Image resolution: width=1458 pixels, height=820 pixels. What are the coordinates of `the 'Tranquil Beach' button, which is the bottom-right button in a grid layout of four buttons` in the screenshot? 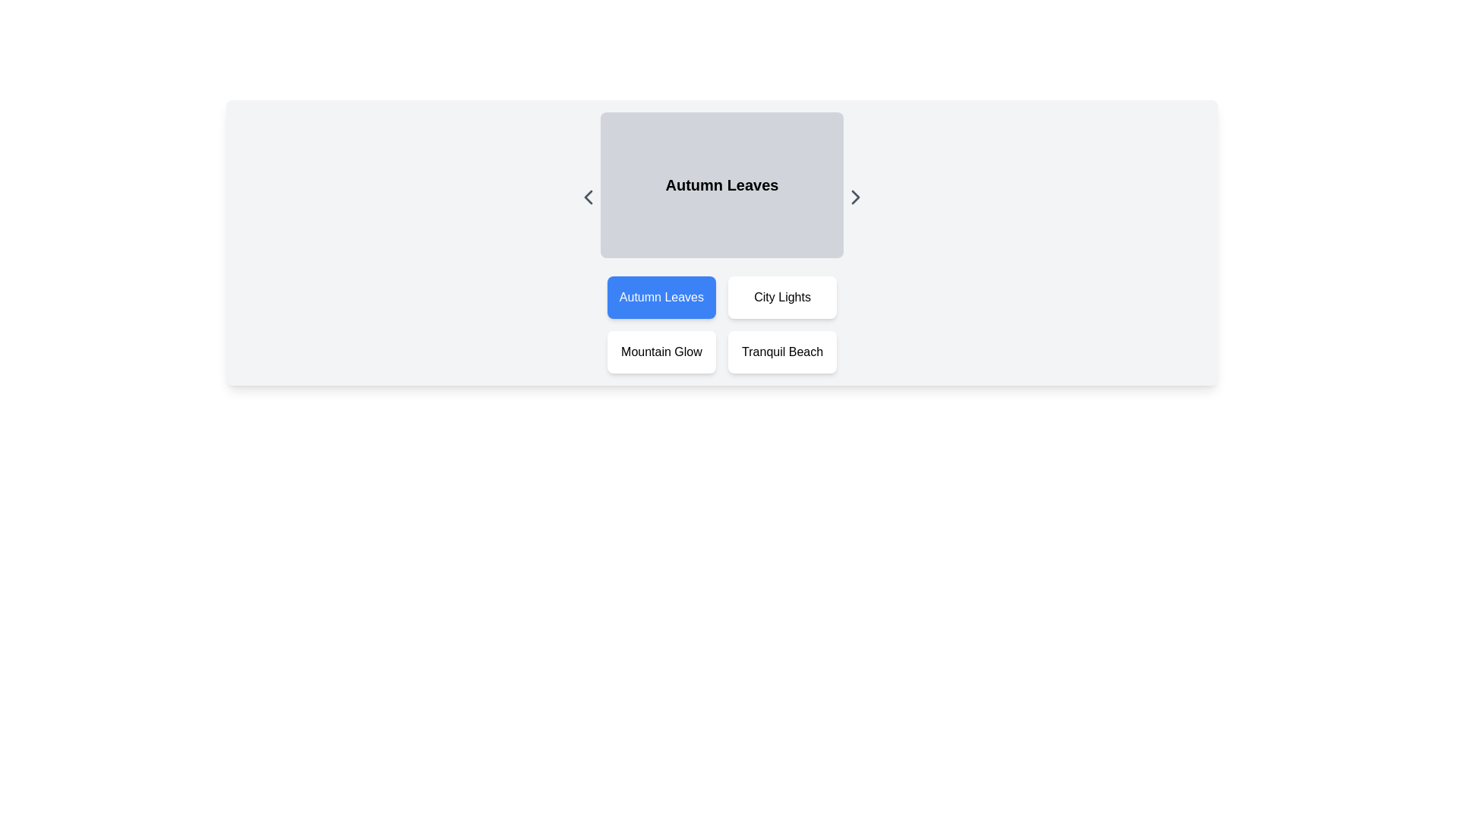 It's located at (782, 352).